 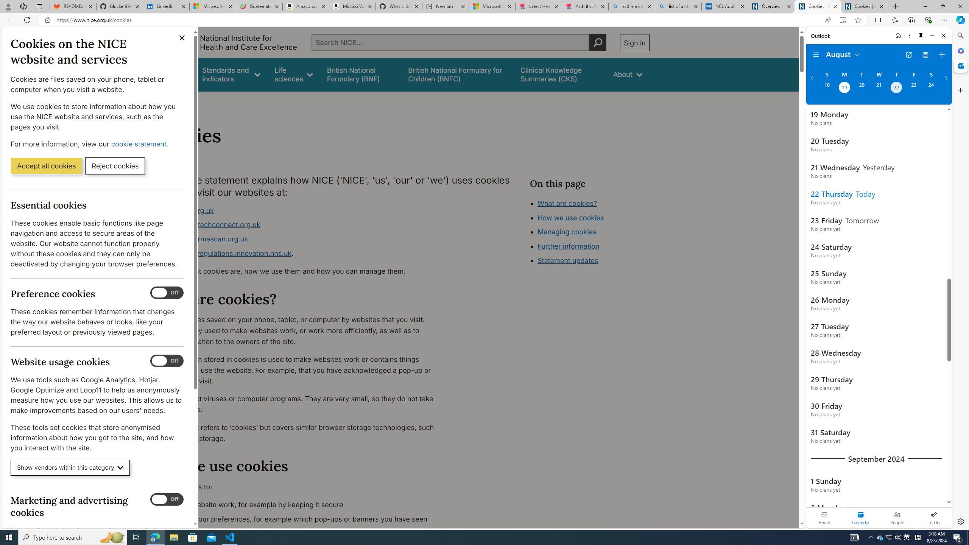 I want to click on 'People', so click(x=897, y=517).